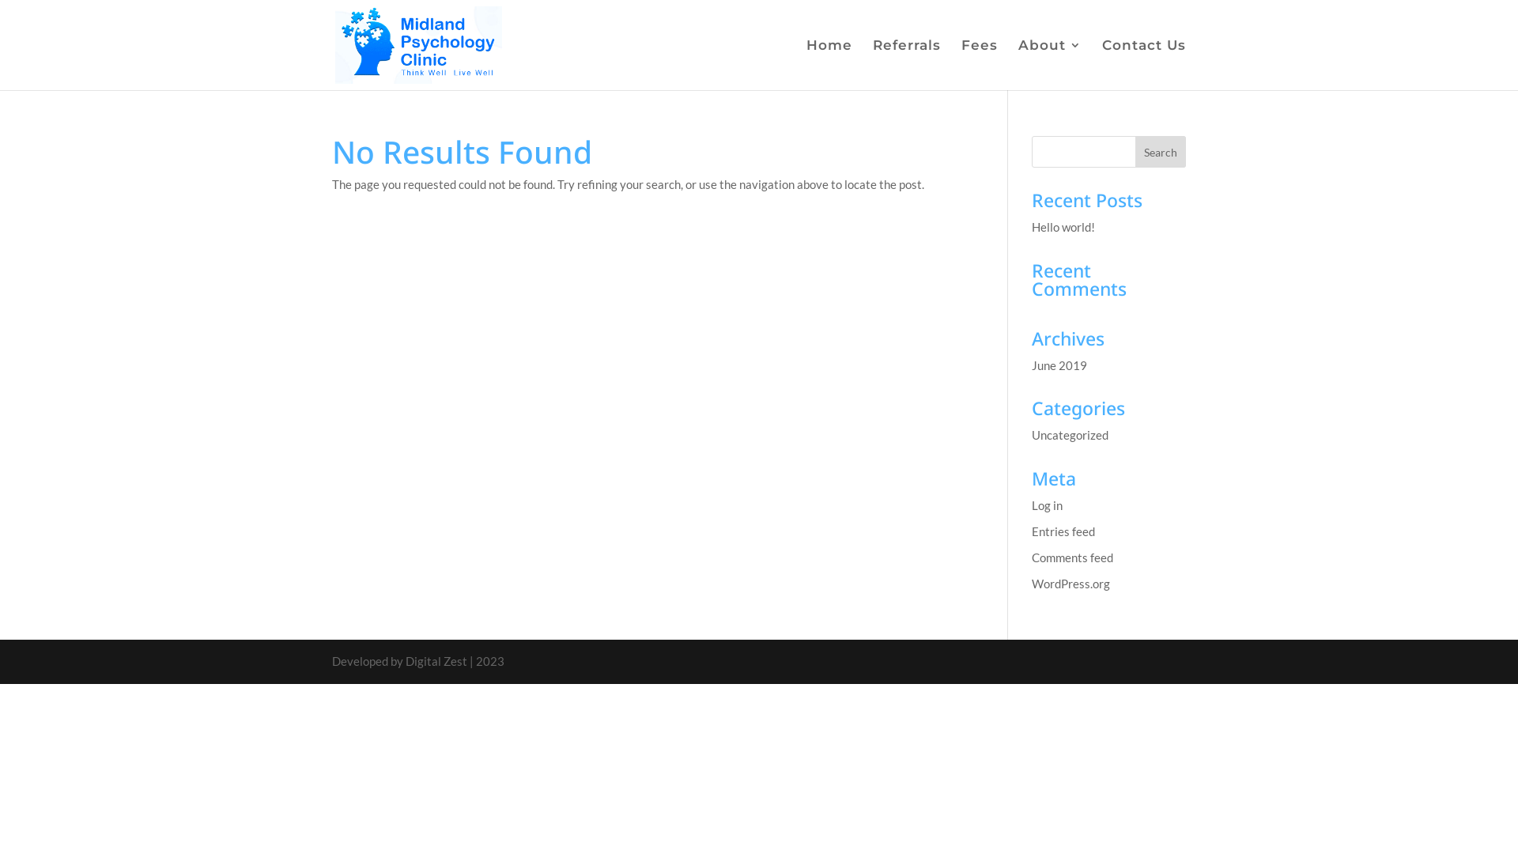  Describe the element at coordinates (1063, 226) in the screenshot. I see `'Hello world!'` at that location.